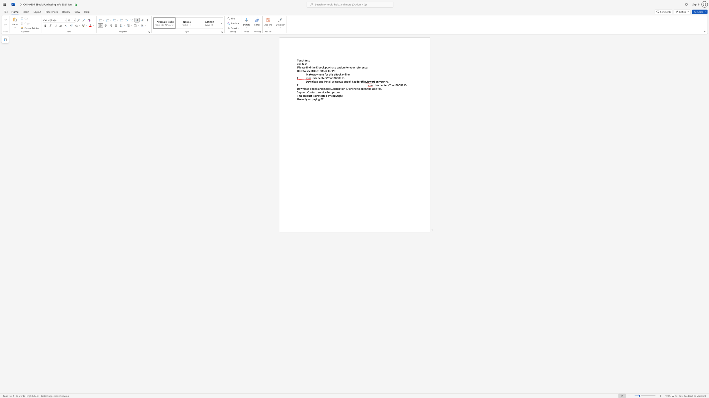  I want to click on the 1th character "s" in the text, so click(301, 95).